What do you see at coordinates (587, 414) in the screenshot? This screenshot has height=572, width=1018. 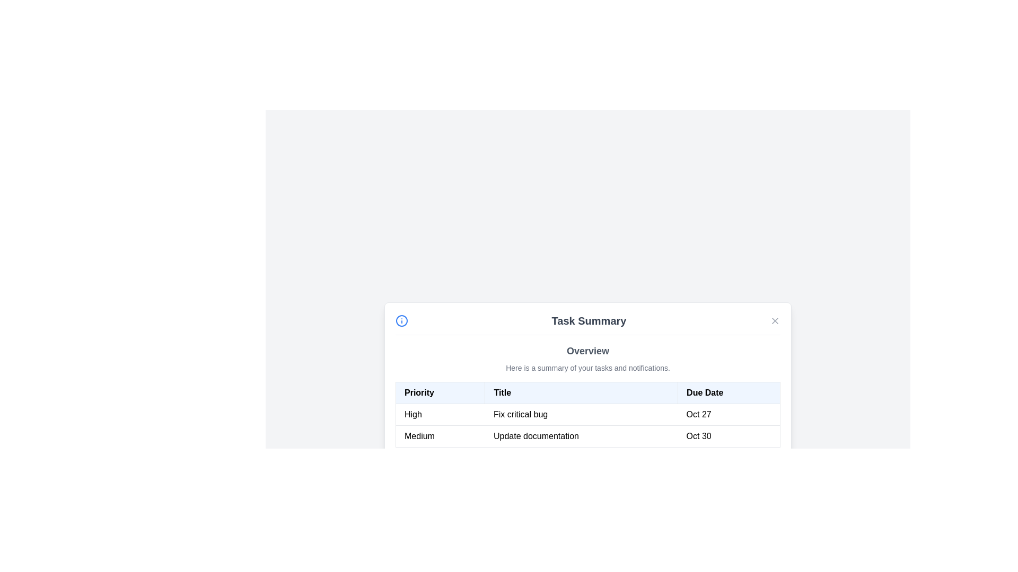 I see `the first row of the task list that displays priority as 'High', title as 'Fix critical bug', and due date as 'Oct 27'` at bounding box center [587, 414].